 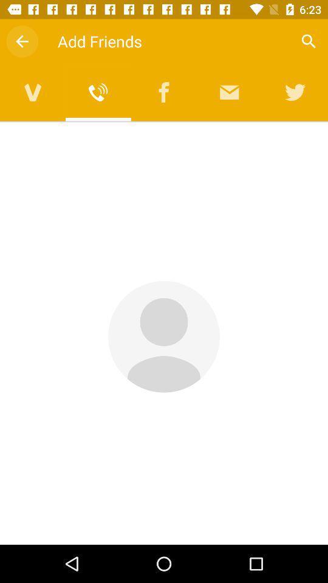 What do you see at coordinates (295, 92) in the screenshot?
I see `twitter account` at bounding box center [295, 92].